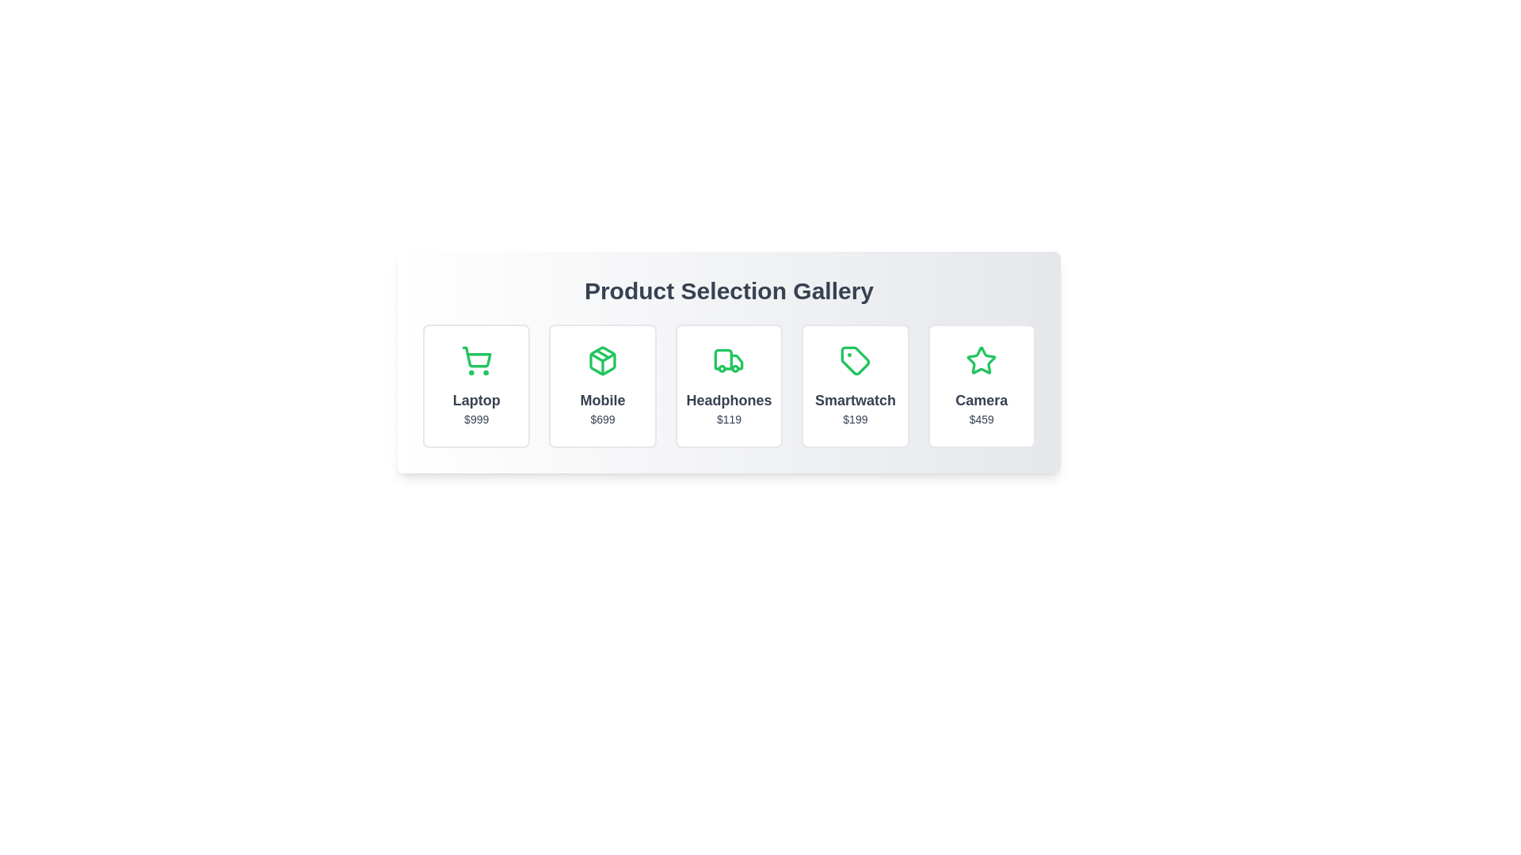 Image resolution: width=1521 pixels, height=855 pixels. I want to click on text content of the Text display area which shows 'Camera' and '$459' located at the bottom section of the product card on the far right of the product grid, so click(981, 408).